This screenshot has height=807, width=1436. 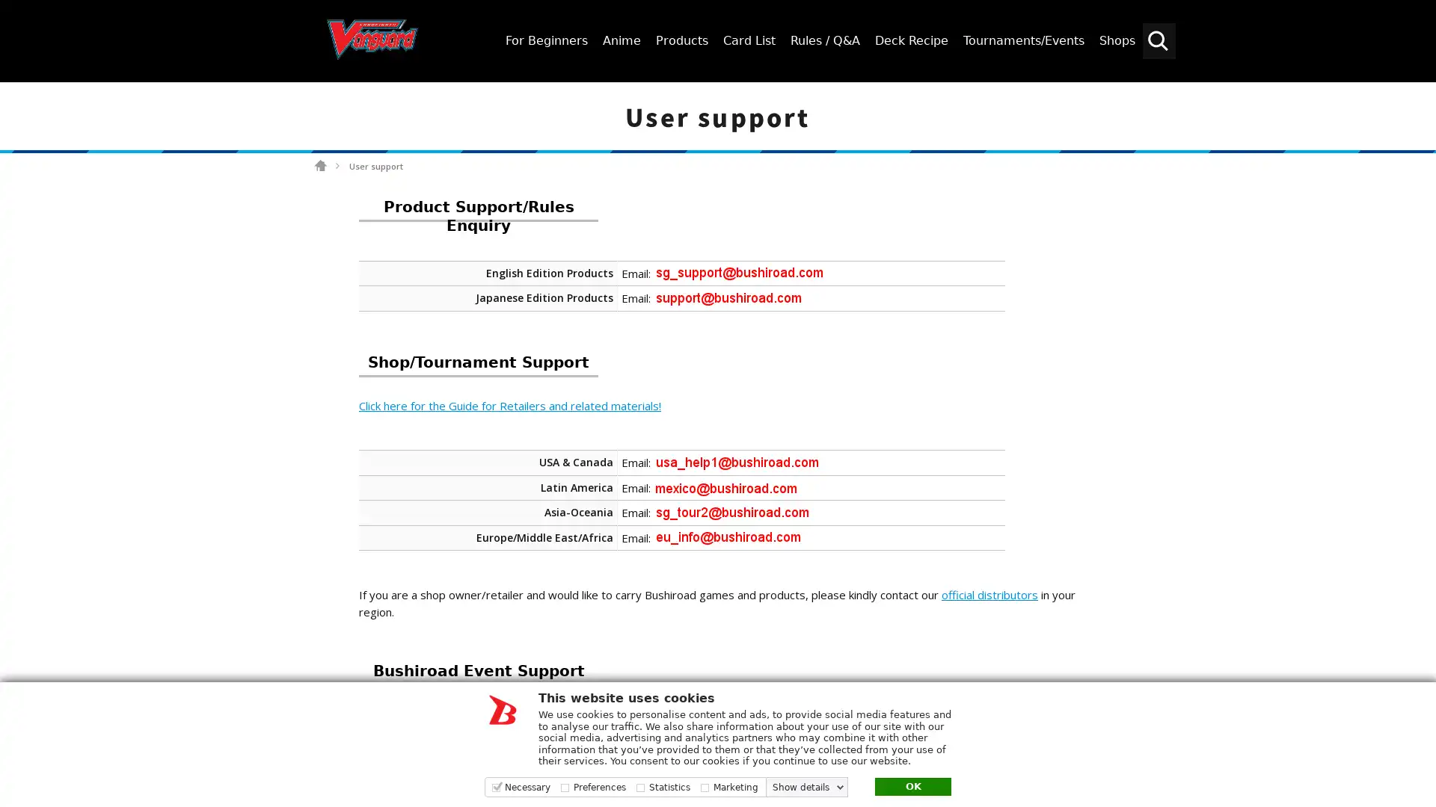 I want to click on Search, so click(x=1417, y=95).